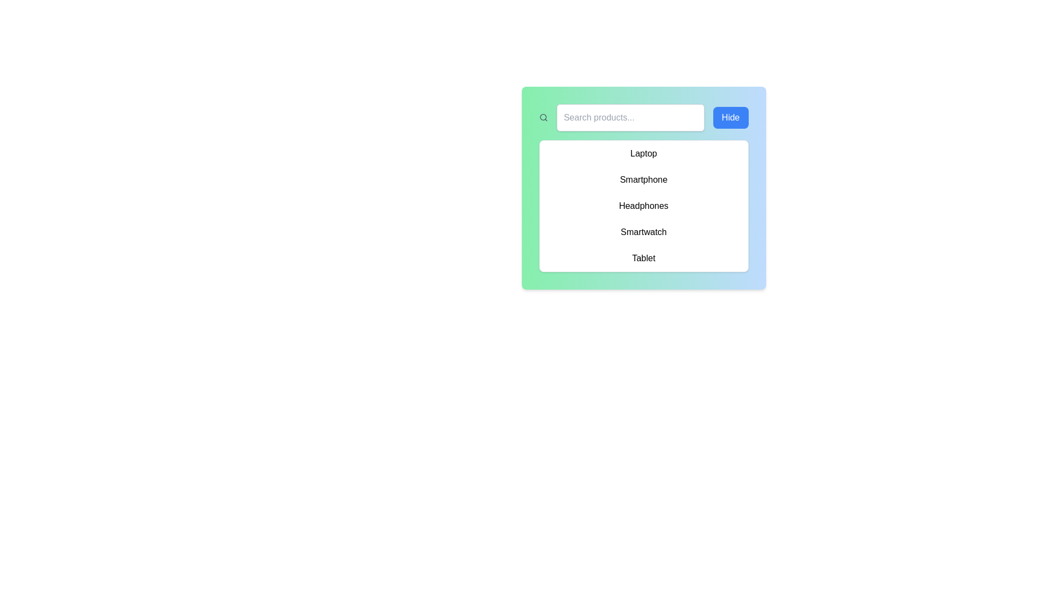  I want to click on the List Item displaying 'Headphones' in bold black font, so click(643, 206).